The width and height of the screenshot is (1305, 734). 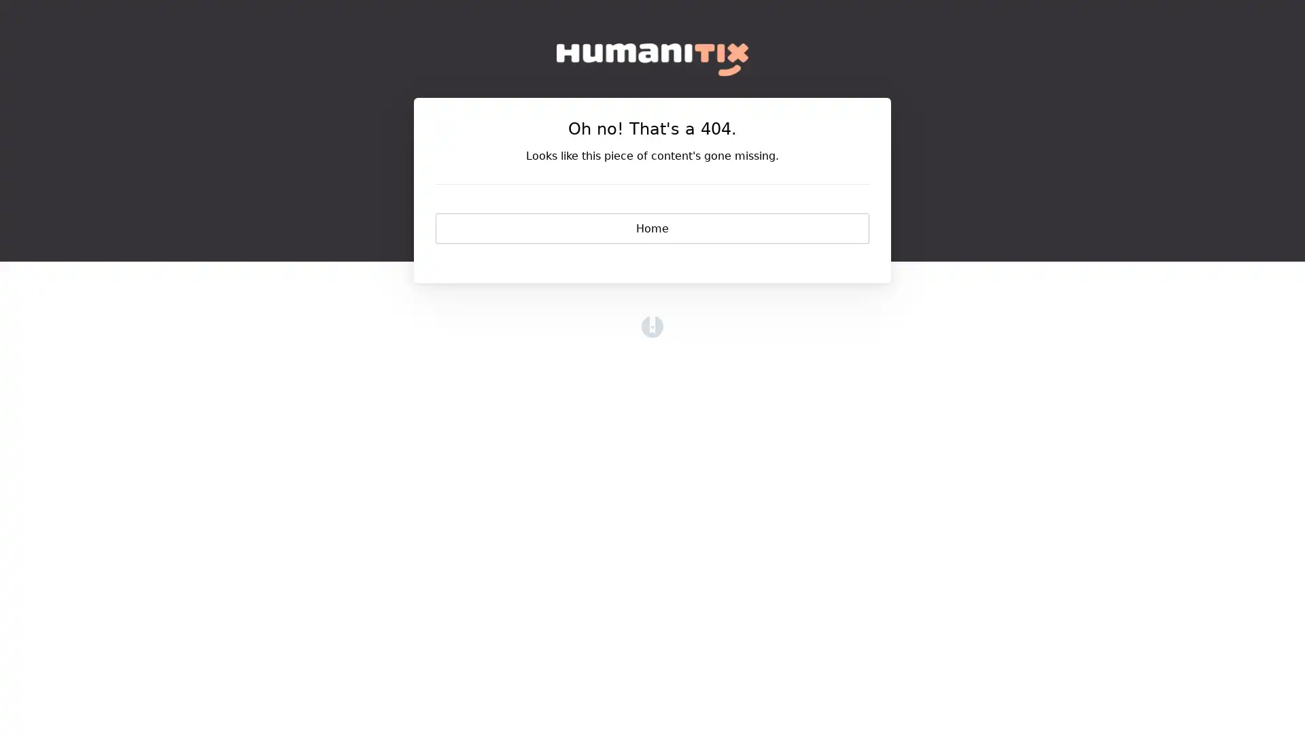 What do you see at coordinates (652, 228) in the screenshot?
I see `Home` at bounding box center [652, 228].